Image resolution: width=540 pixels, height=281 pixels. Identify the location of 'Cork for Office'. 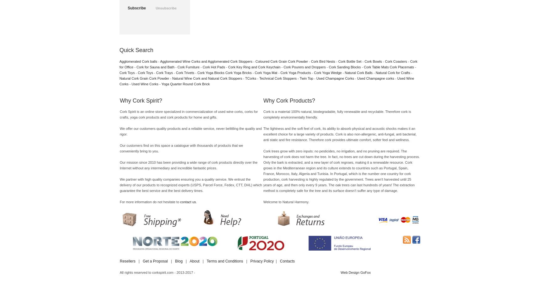
(119, 64).